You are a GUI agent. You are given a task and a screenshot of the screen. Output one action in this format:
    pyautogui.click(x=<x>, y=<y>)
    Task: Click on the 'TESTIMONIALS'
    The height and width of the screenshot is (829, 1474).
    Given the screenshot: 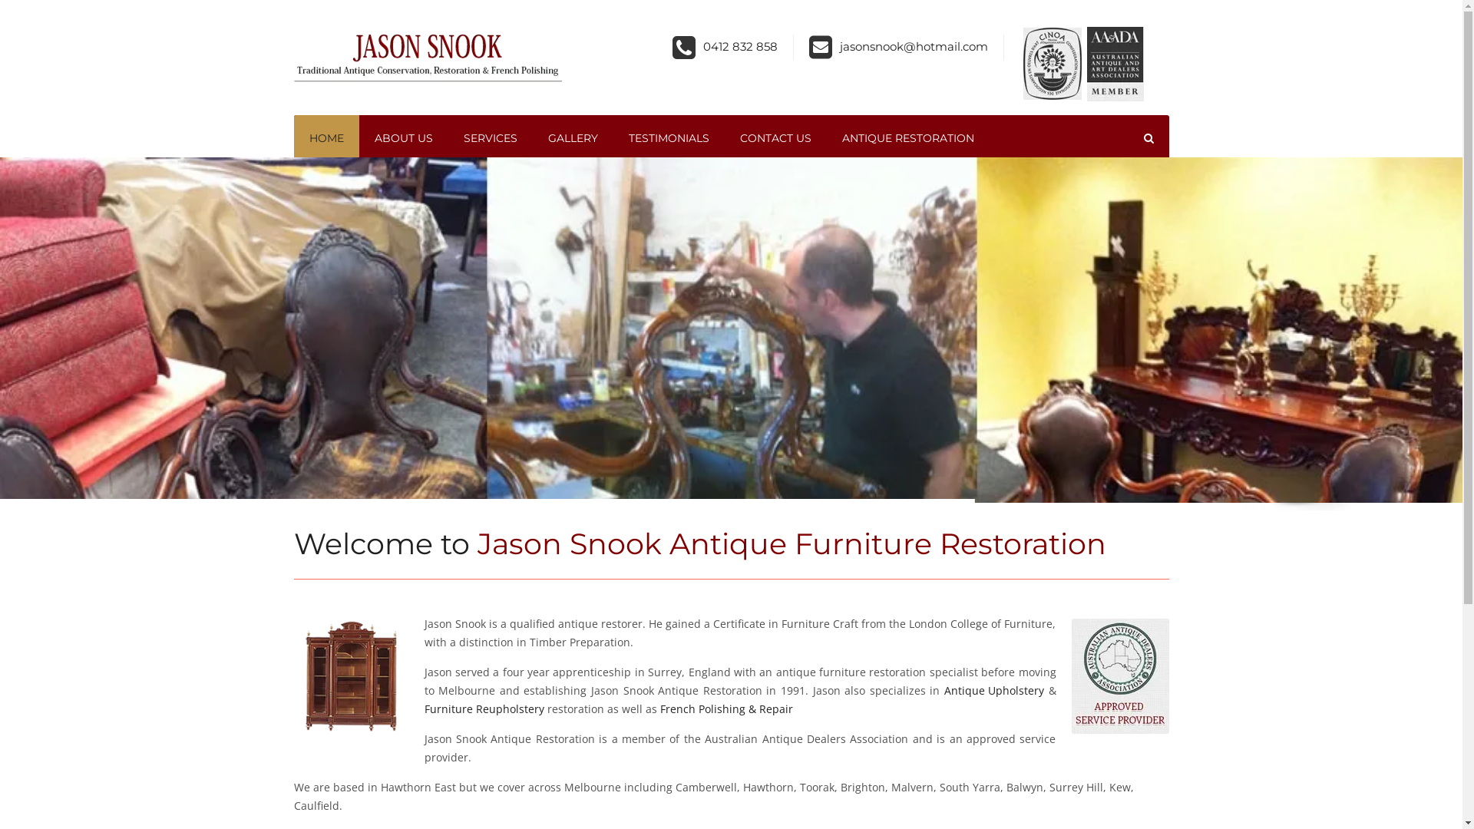 What is the action you would take?
    pyautogui.click(x=668, y=138)
    